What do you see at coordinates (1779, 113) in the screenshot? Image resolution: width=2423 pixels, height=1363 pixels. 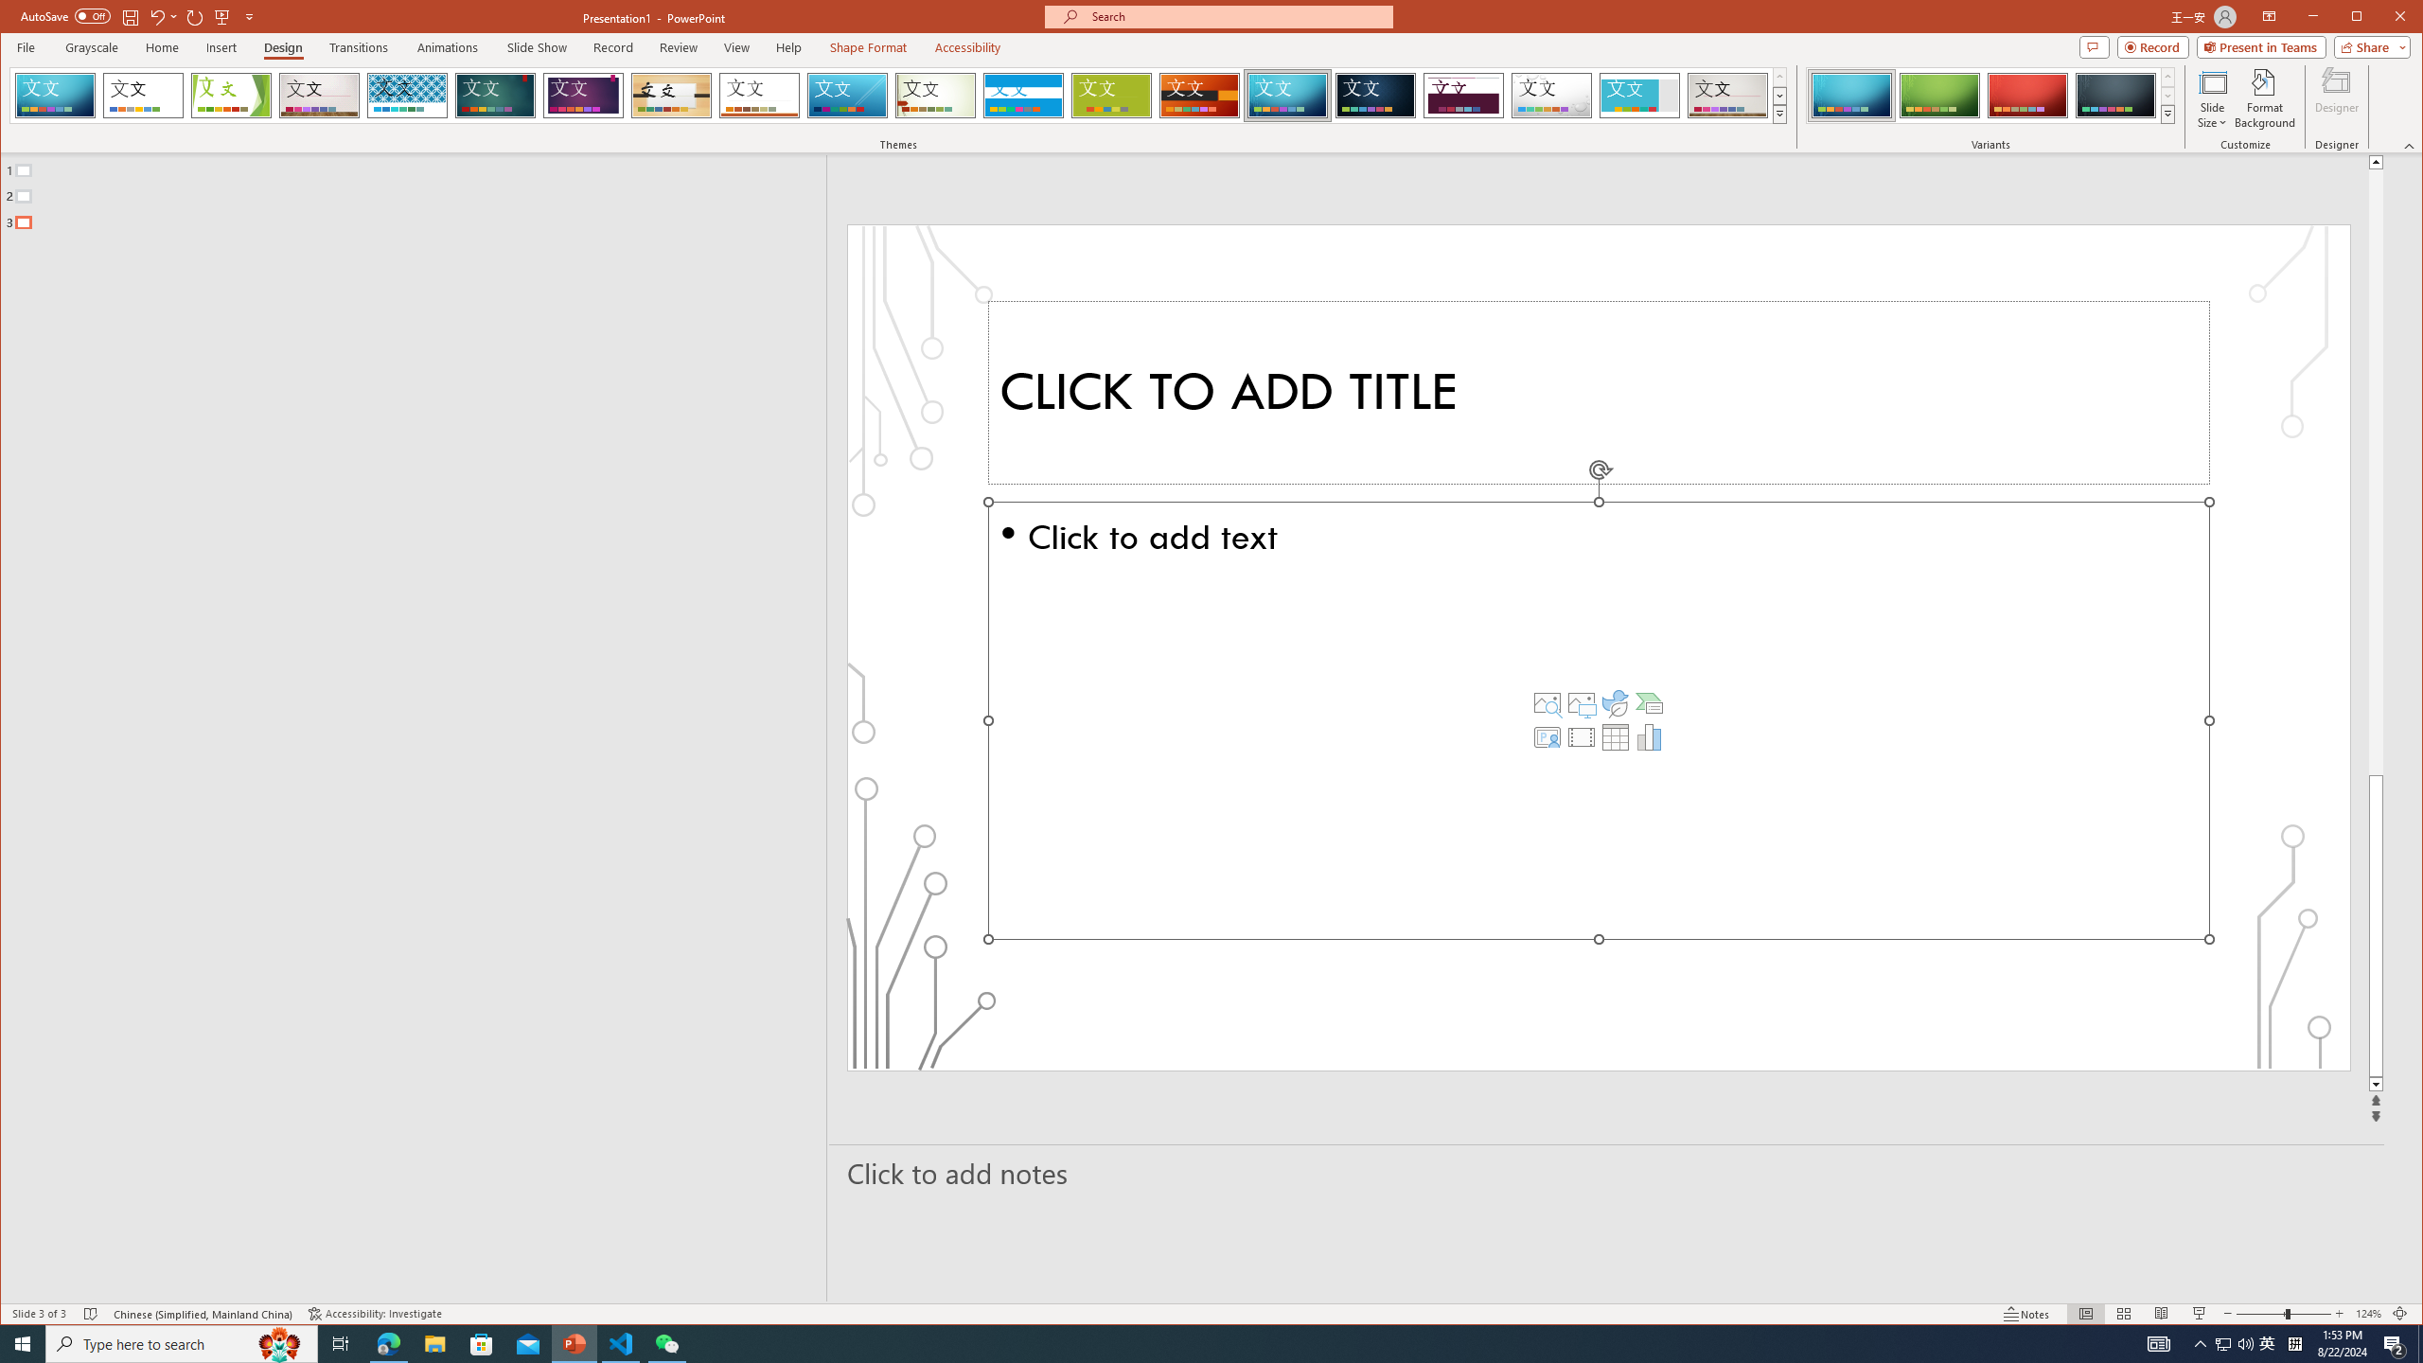 I see `'Themes'` at bounding box center [1779, 113].